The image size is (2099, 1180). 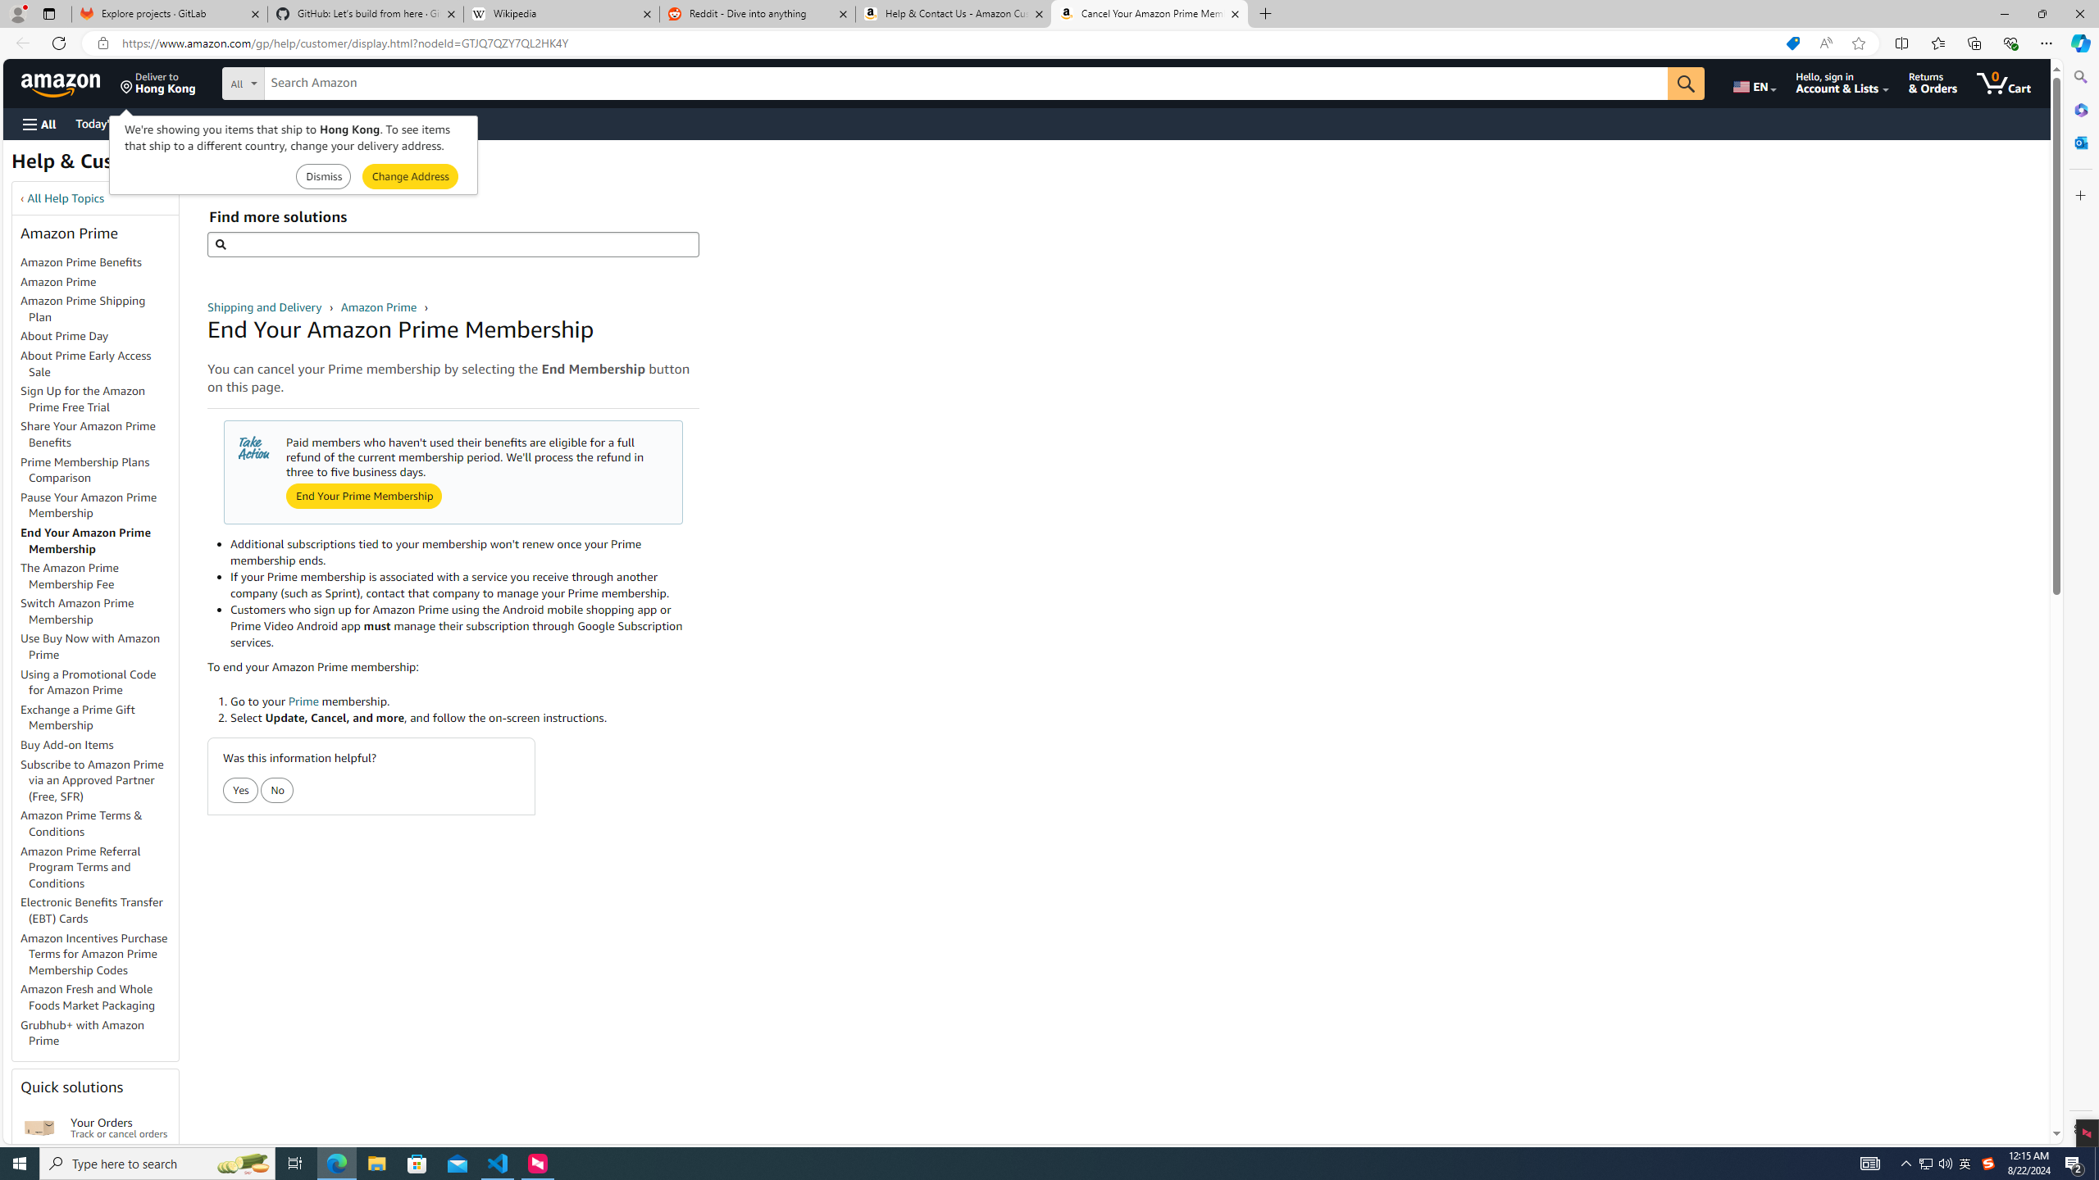 What do you see at coordinates (99, 910) in the screenshot?
I see `'Electronic Benefits Transfer (EBT) Cards'` at bounding box center [99, 910].